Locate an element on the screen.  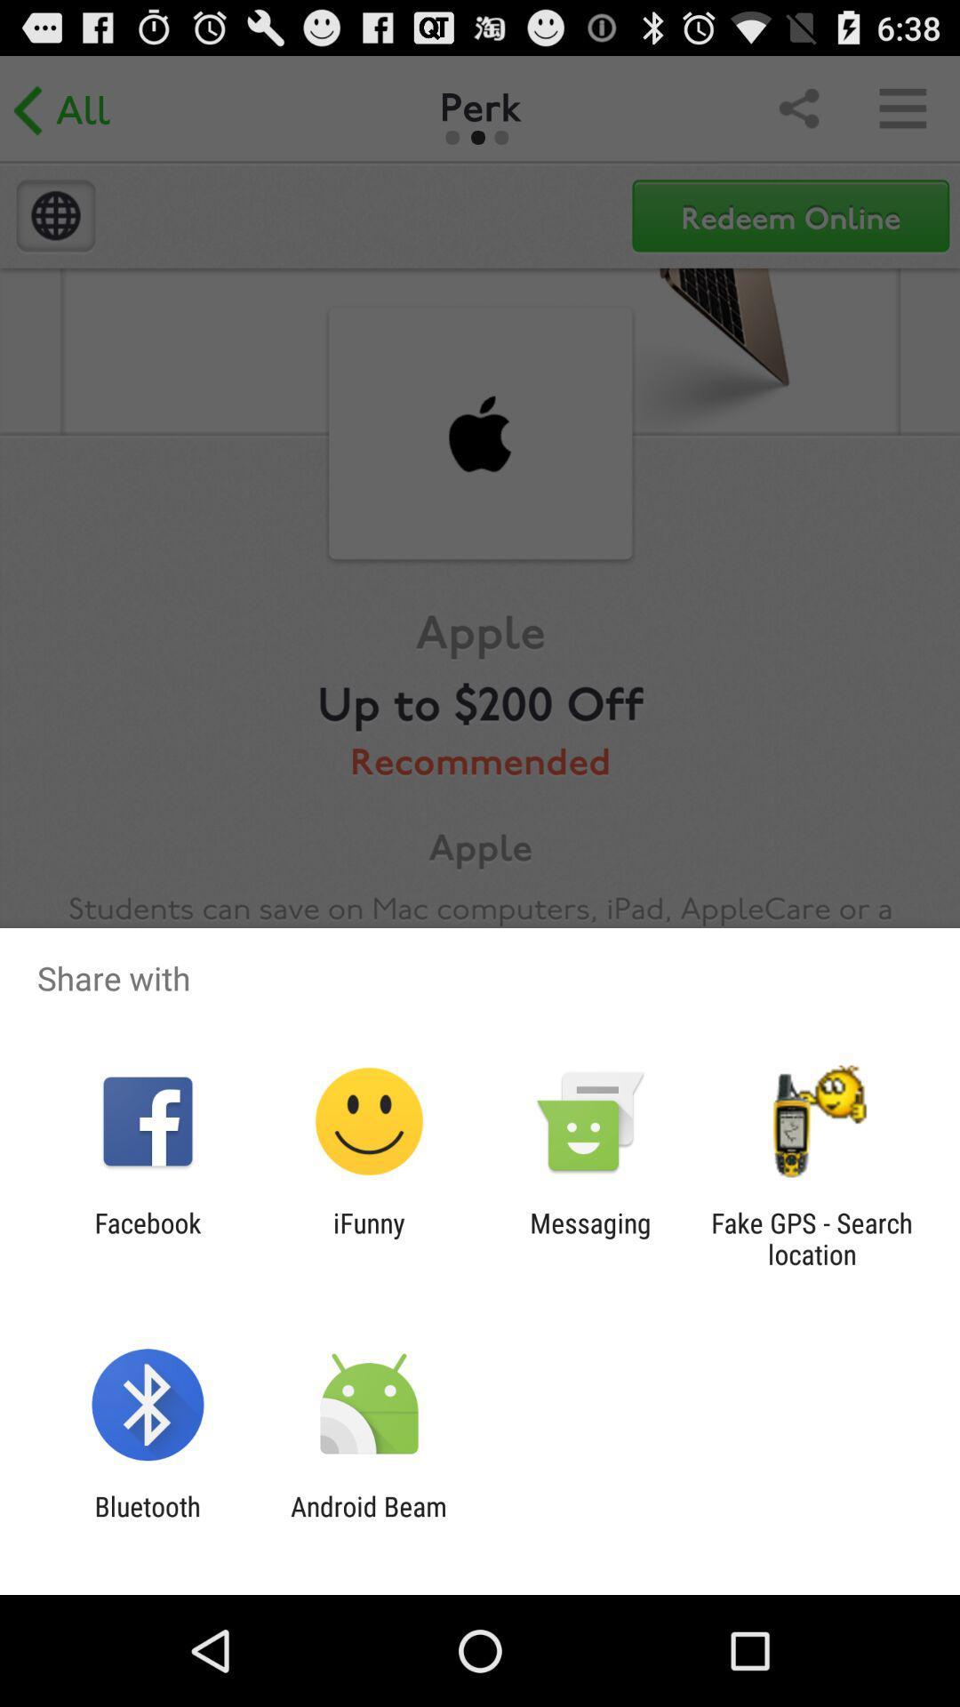
app at the bottom right corner is located at coordinates (812, 1238).